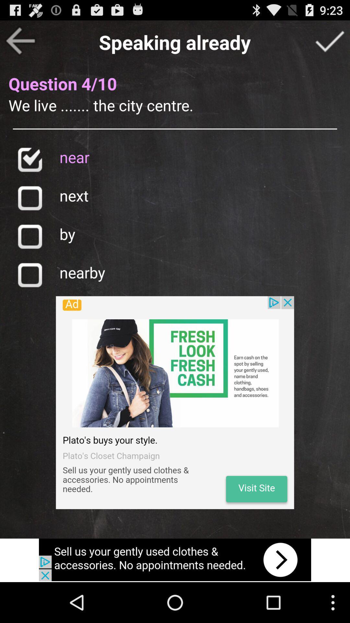  I want to click on the check icon, so click(330, 43).